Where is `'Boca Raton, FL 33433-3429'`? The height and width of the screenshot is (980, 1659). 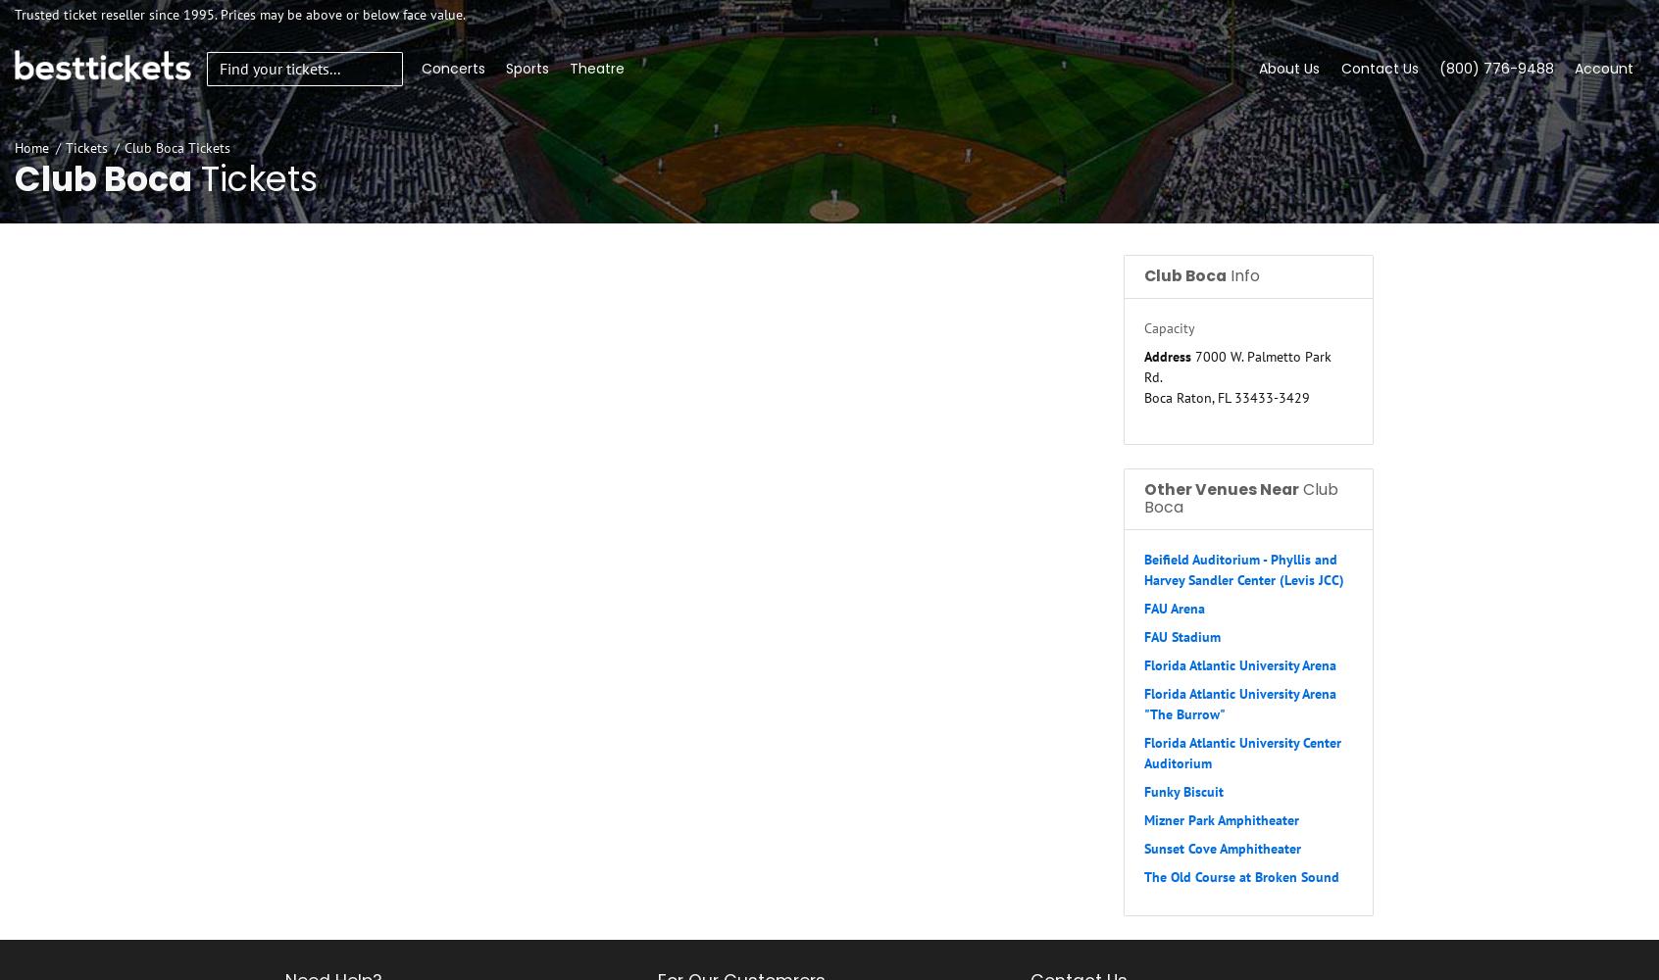 'Boca Raton, FL 33433-3429' is located at coordinates (1227, 397).